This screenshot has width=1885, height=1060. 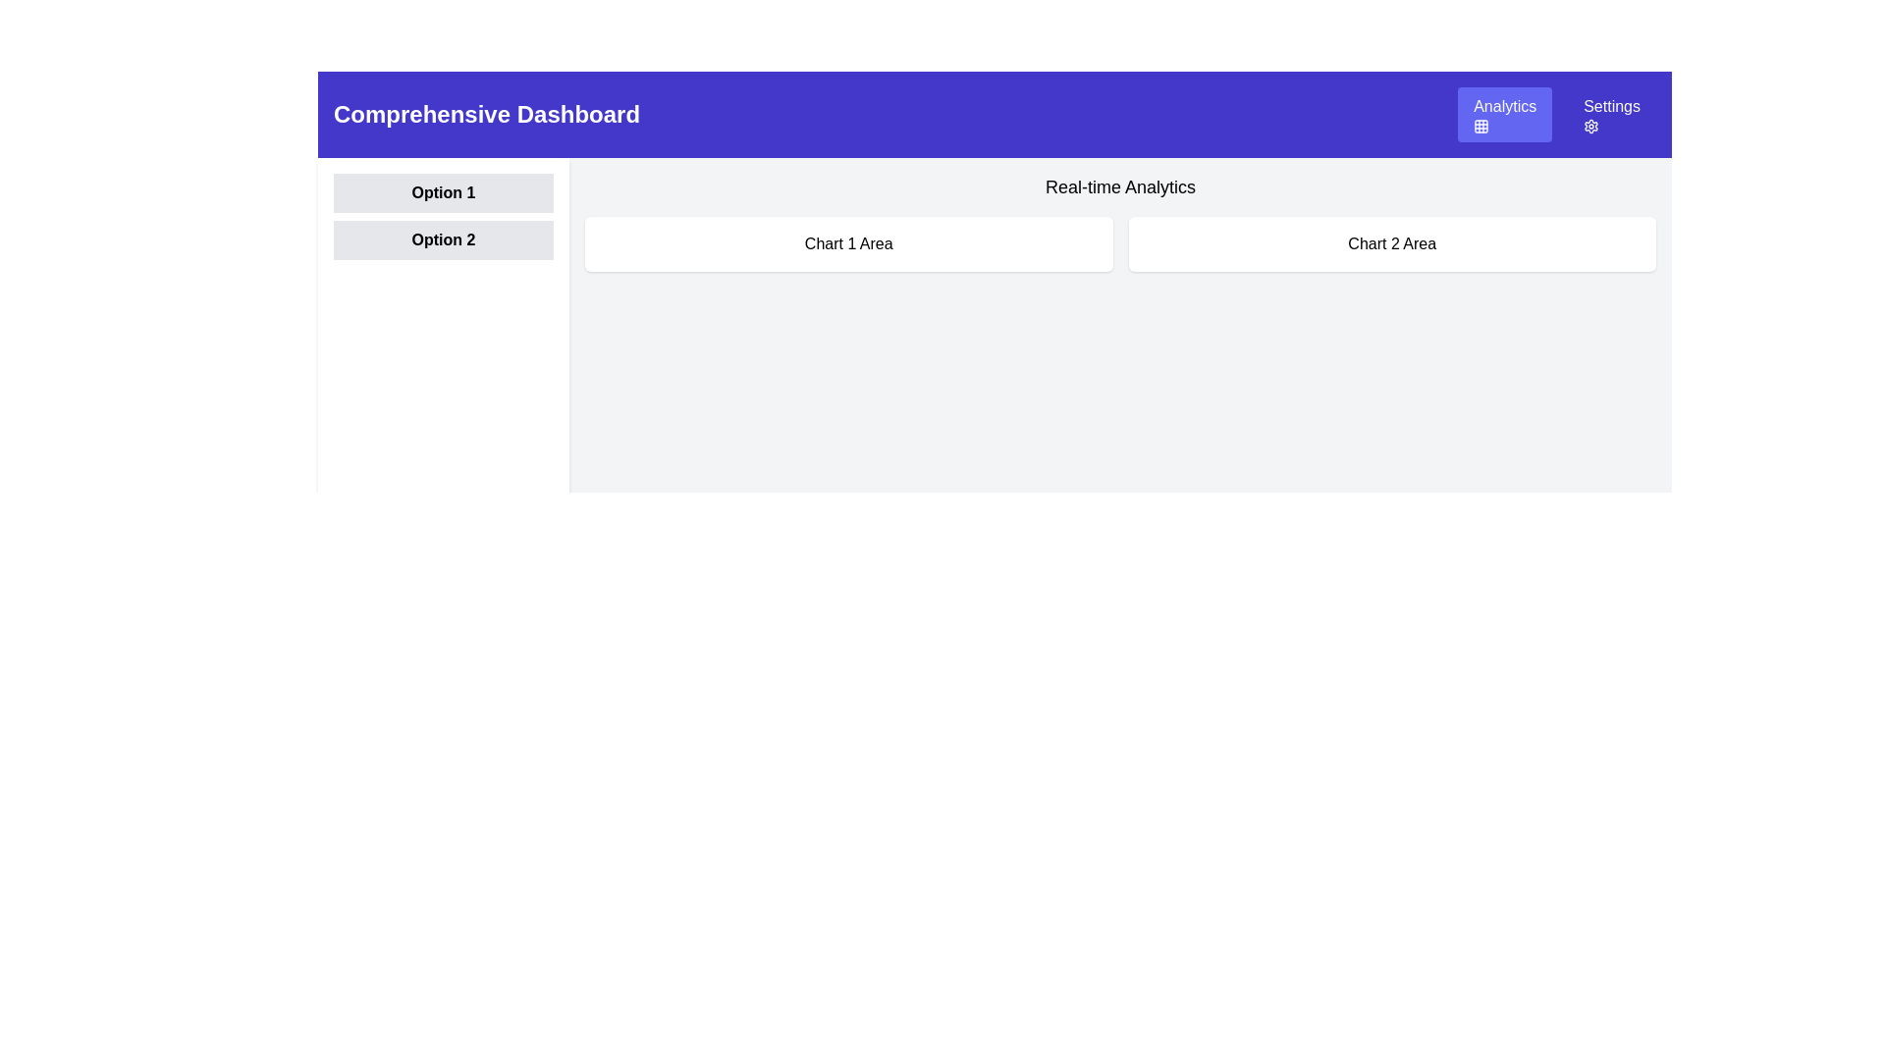 What do you see at coordinates (487, 114) in the screenshot?
I see `the Text label located in the header section of the interface, positioned to the far left side of the bar, serving as the title for the page or application` at bounding box center [487, 114].